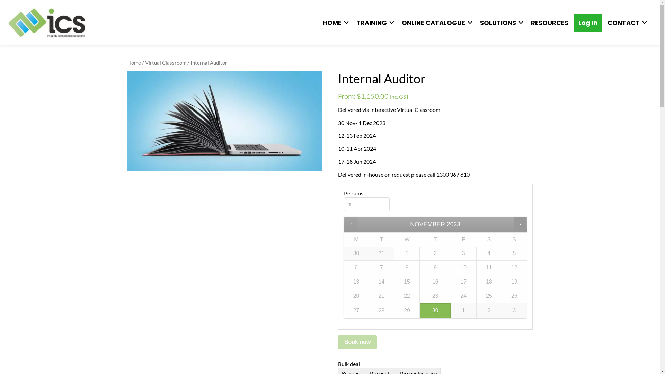  I want to click on 'ONLINE CATALOGUE', so click(435, 22).